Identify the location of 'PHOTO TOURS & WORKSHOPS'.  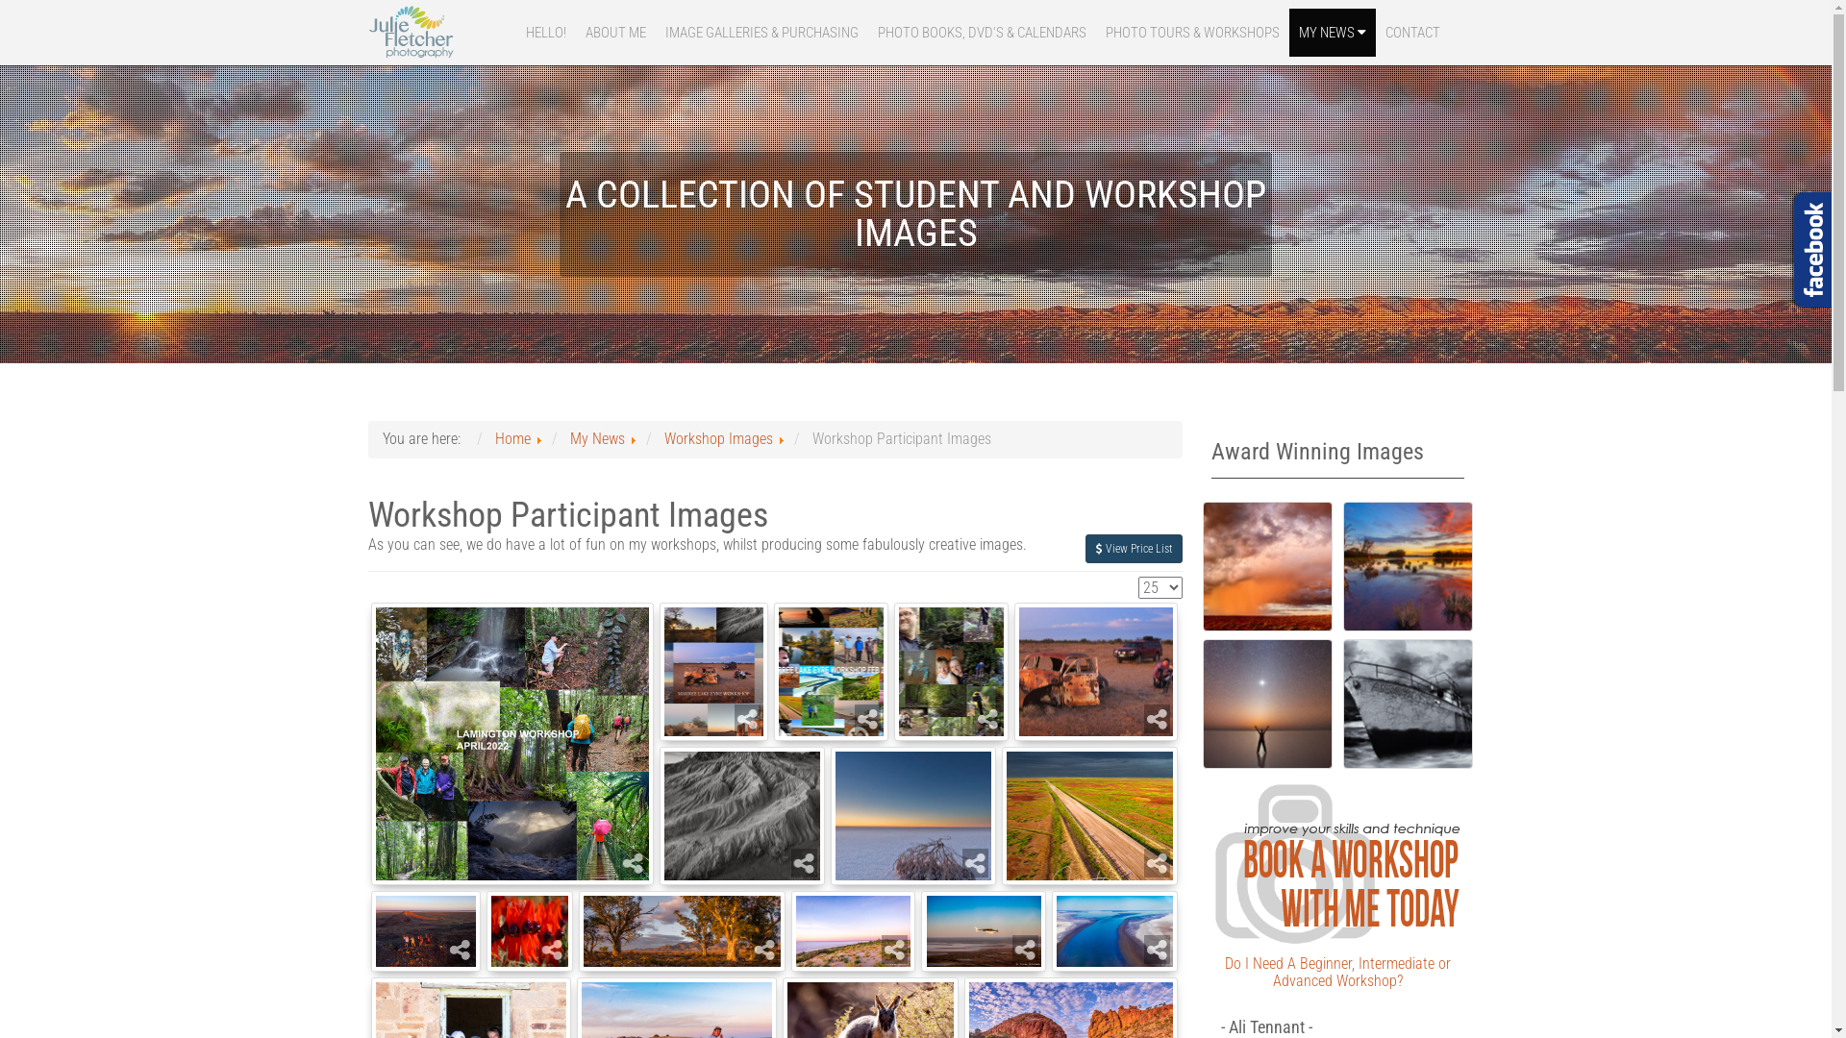
(1191, 33).